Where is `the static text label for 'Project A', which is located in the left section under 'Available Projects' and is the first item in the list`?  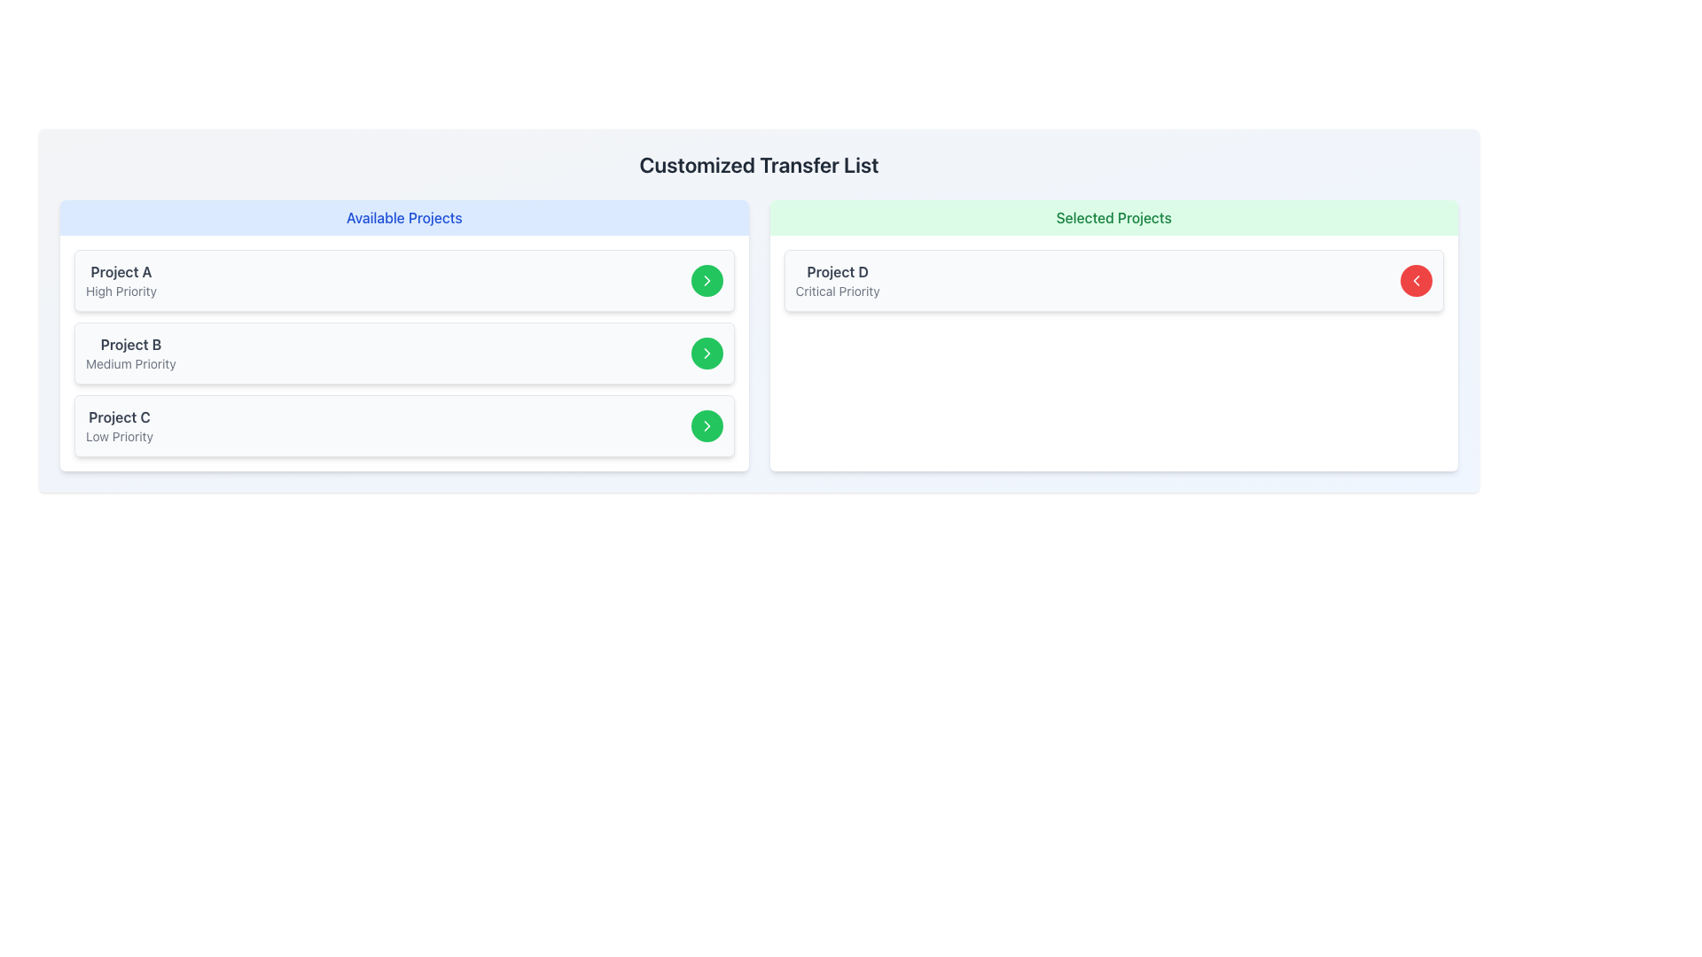 the static text label for 'Project A', which is located in the left section under 'Available Projects' and is the first item in the list is located at coordinates (121, 272).